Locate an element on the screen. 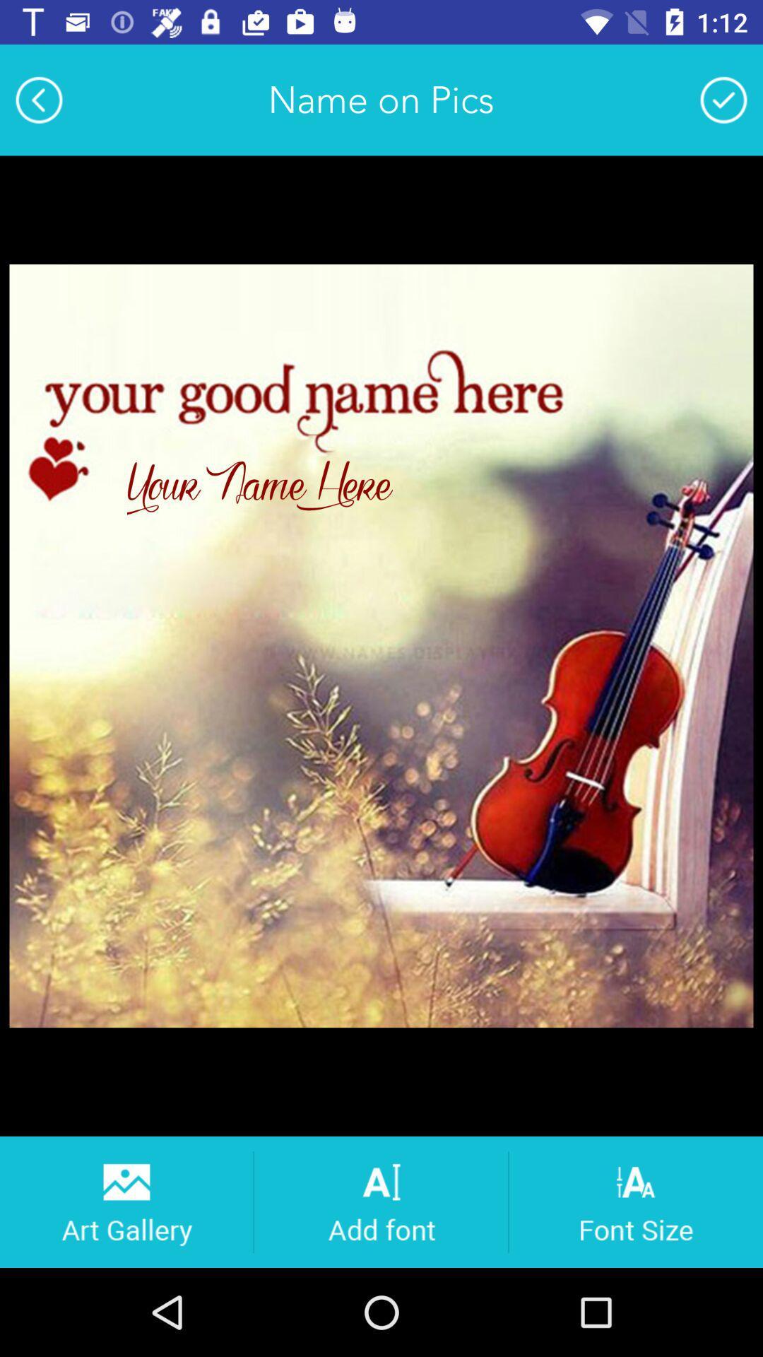 This screenshot has height=1357, width=763. photos is located at coordinates (125, 1201).